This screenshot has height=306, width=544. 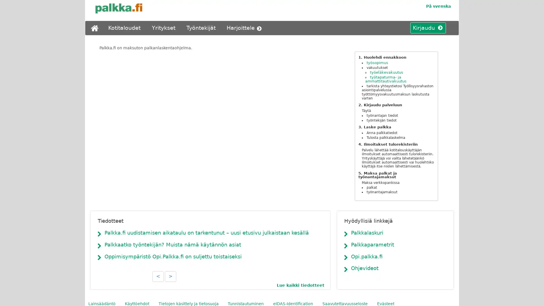 What do you see at coordinates (426, 28) in the screenshot?
I see `Kirjaudu` at bounding box center [426, 28].